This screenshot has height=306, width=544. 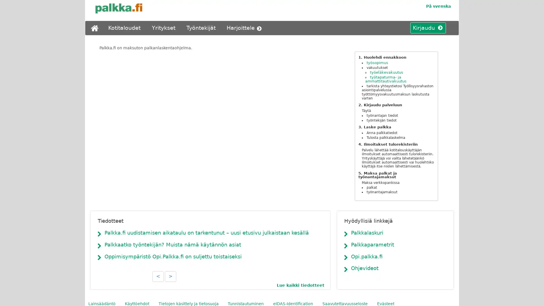 What do you see at coordinates (426, 28) in the screenshot?
I see `Kirjaudu` at bounding box center [426, 28].